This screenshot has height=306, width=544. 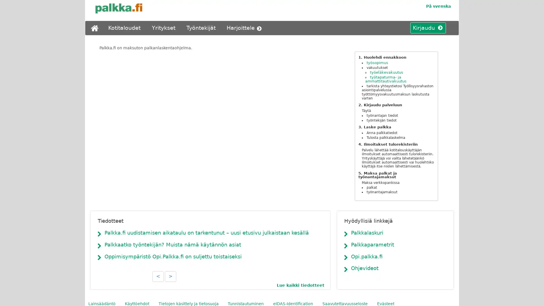 What do you see at coordinates (426, 28) in the screenshot?
I see `Kirjaudu` at bounding box center [426, 28].